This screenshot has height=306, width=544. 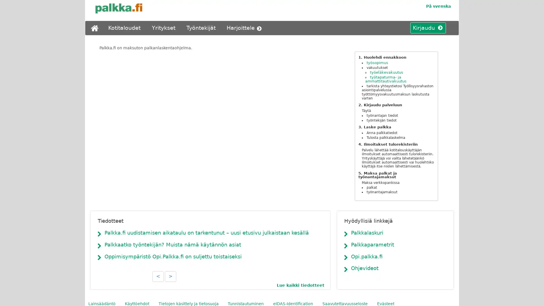 What do you see at coordinates (426, 28) in the screenshot?
I see `Kirjaudu` at bounding box center [426, 28].